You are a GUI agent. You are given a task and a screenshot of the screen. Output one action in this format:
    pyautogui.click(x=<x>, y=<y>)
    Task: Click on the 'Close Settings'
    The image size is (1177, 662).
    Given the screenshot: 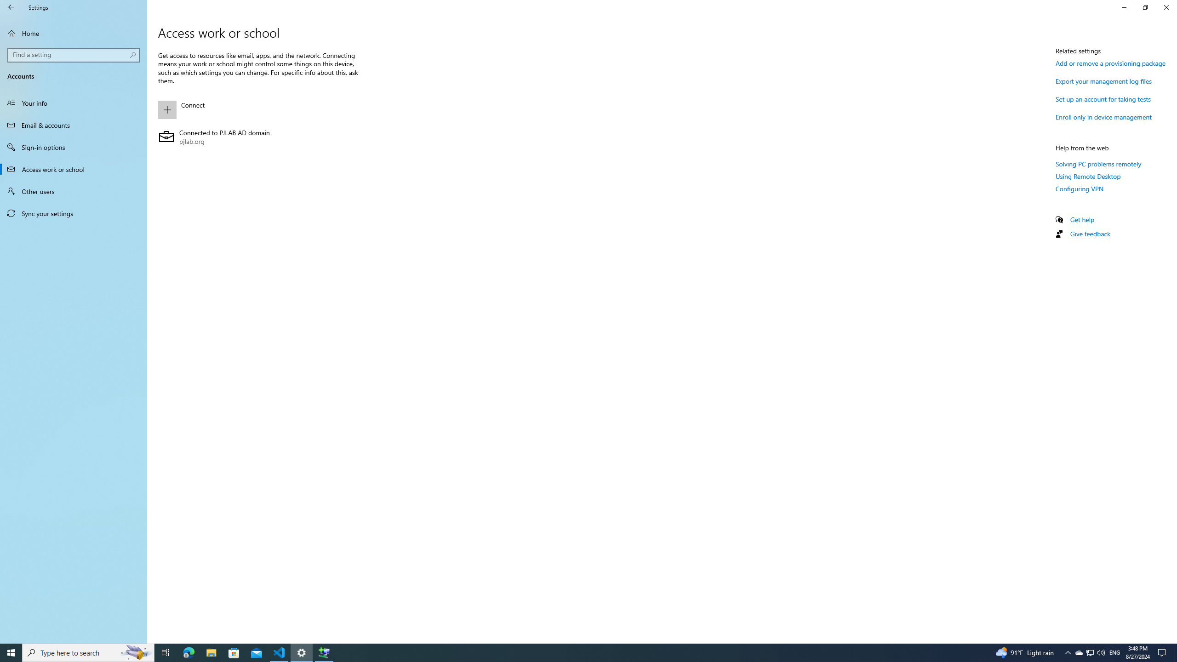 What is the action you would take?
    pyautogui.click(x=1166, y=7)
    